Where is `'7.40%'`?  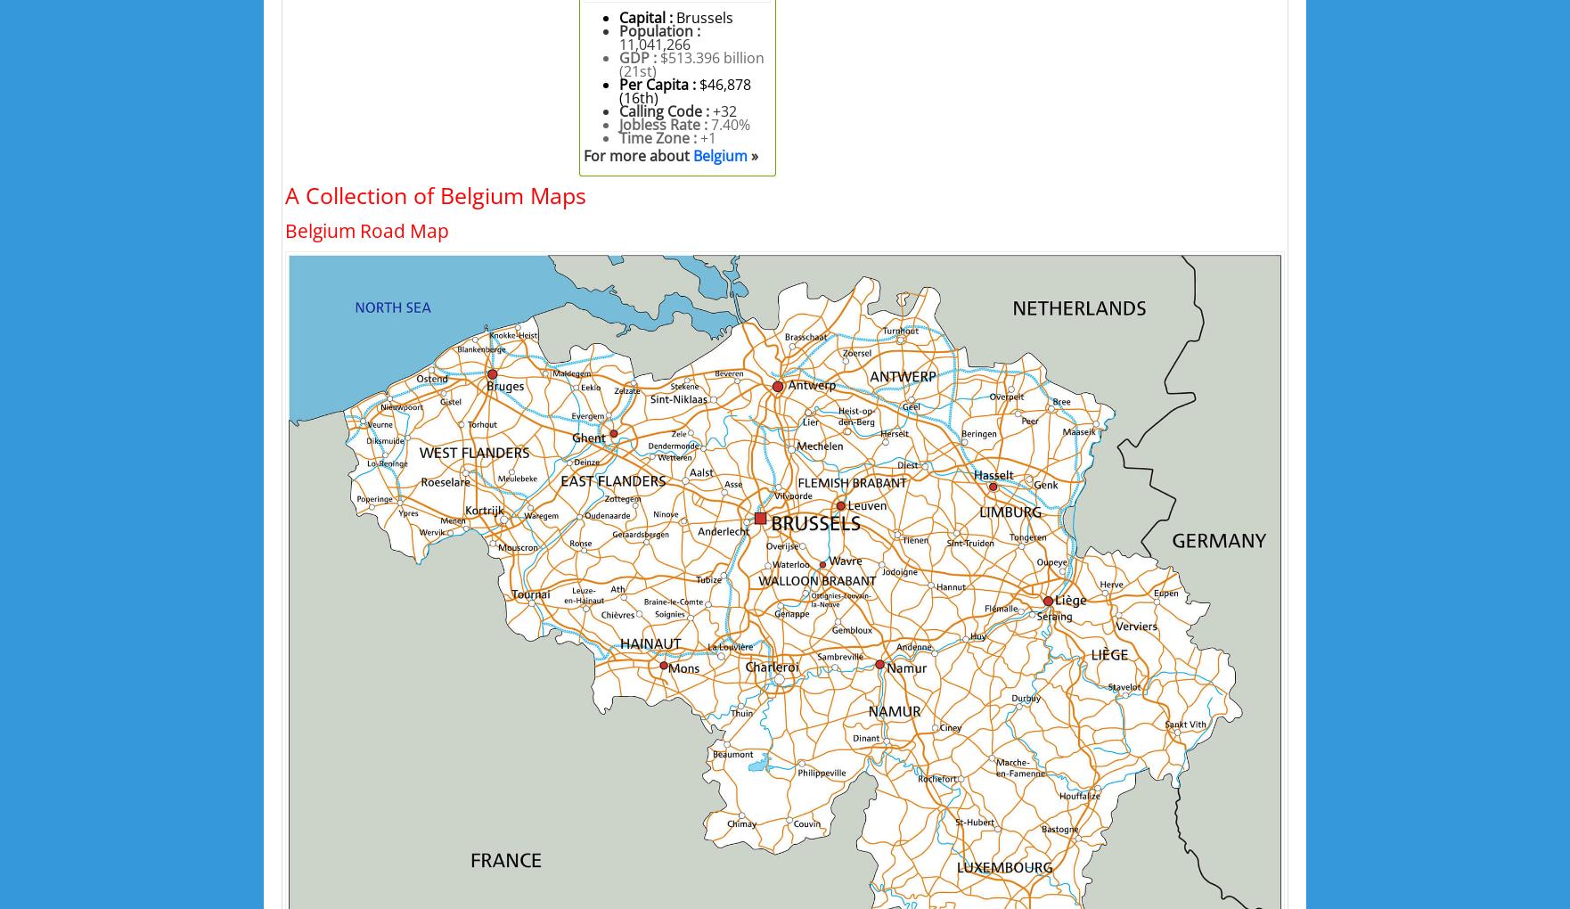 '7.40%' is located at coordinates (730, 124).